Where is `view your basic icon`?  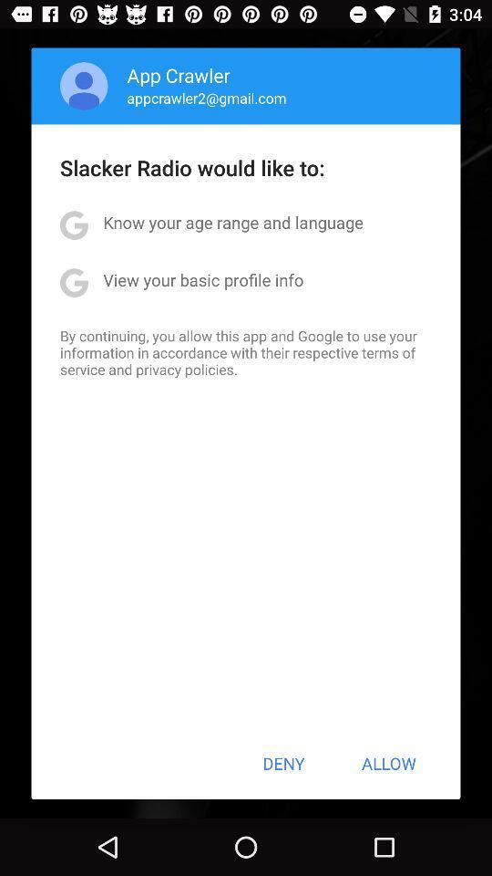
view your basic icon is located at coordinates (202, 279).